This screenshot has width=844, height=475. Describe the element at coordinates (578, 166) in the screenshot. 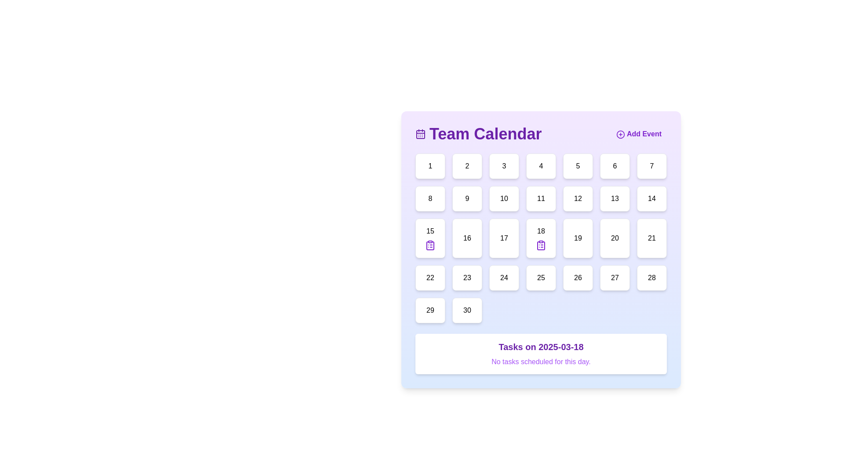

I see `the button representing the fifth day in the calendar` at that location.